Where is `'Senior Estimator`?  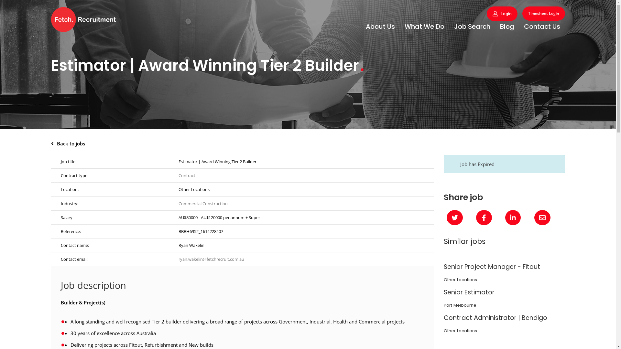
'Senior Estimator is located at coordinates (504, 298).